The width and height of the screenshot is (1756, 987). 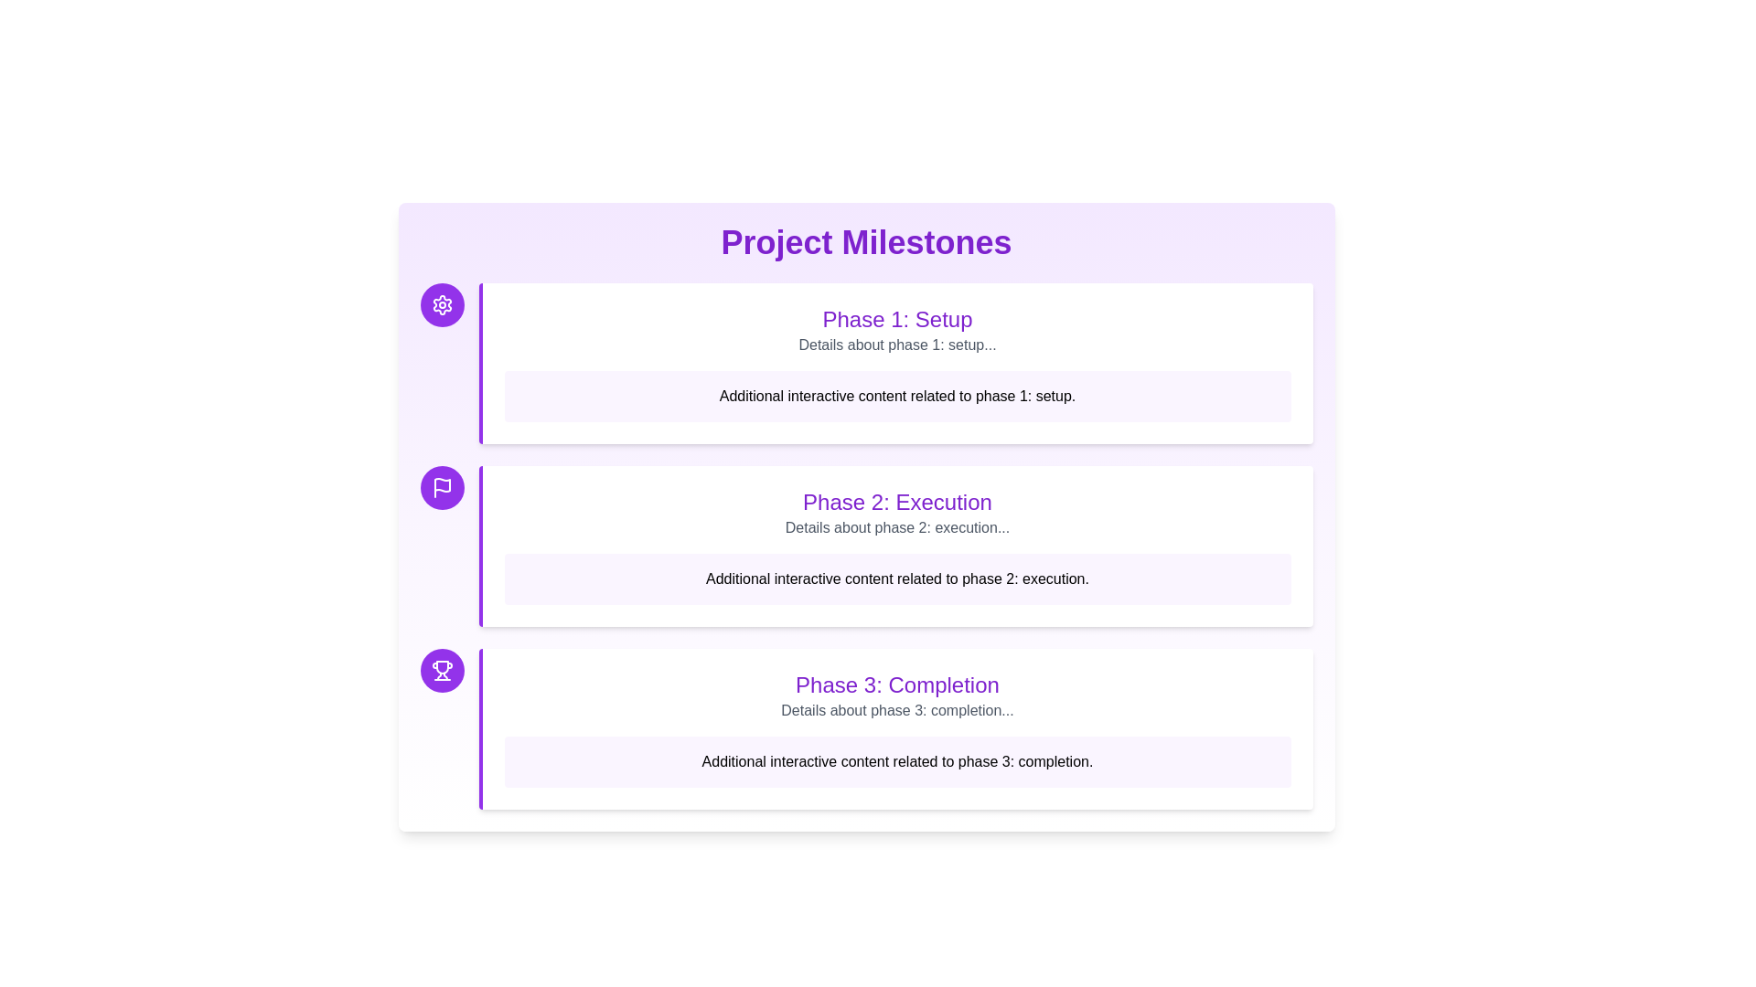 What do you see at coordinates (442, 304) in the screenshot?
I see `the gear icon, which is a monochrome purple icon indicating settings, located in the top-left corner next to the first milestone's header` at bounding box center [442, 304].